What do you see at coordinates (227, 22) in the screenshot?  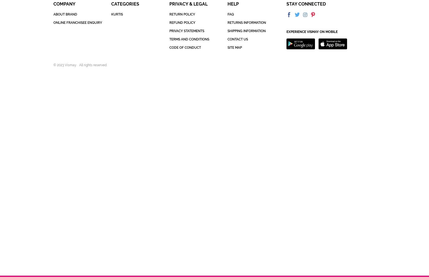 I see `'RETURNS INFORMATION'` at bounding box center [227, 22].